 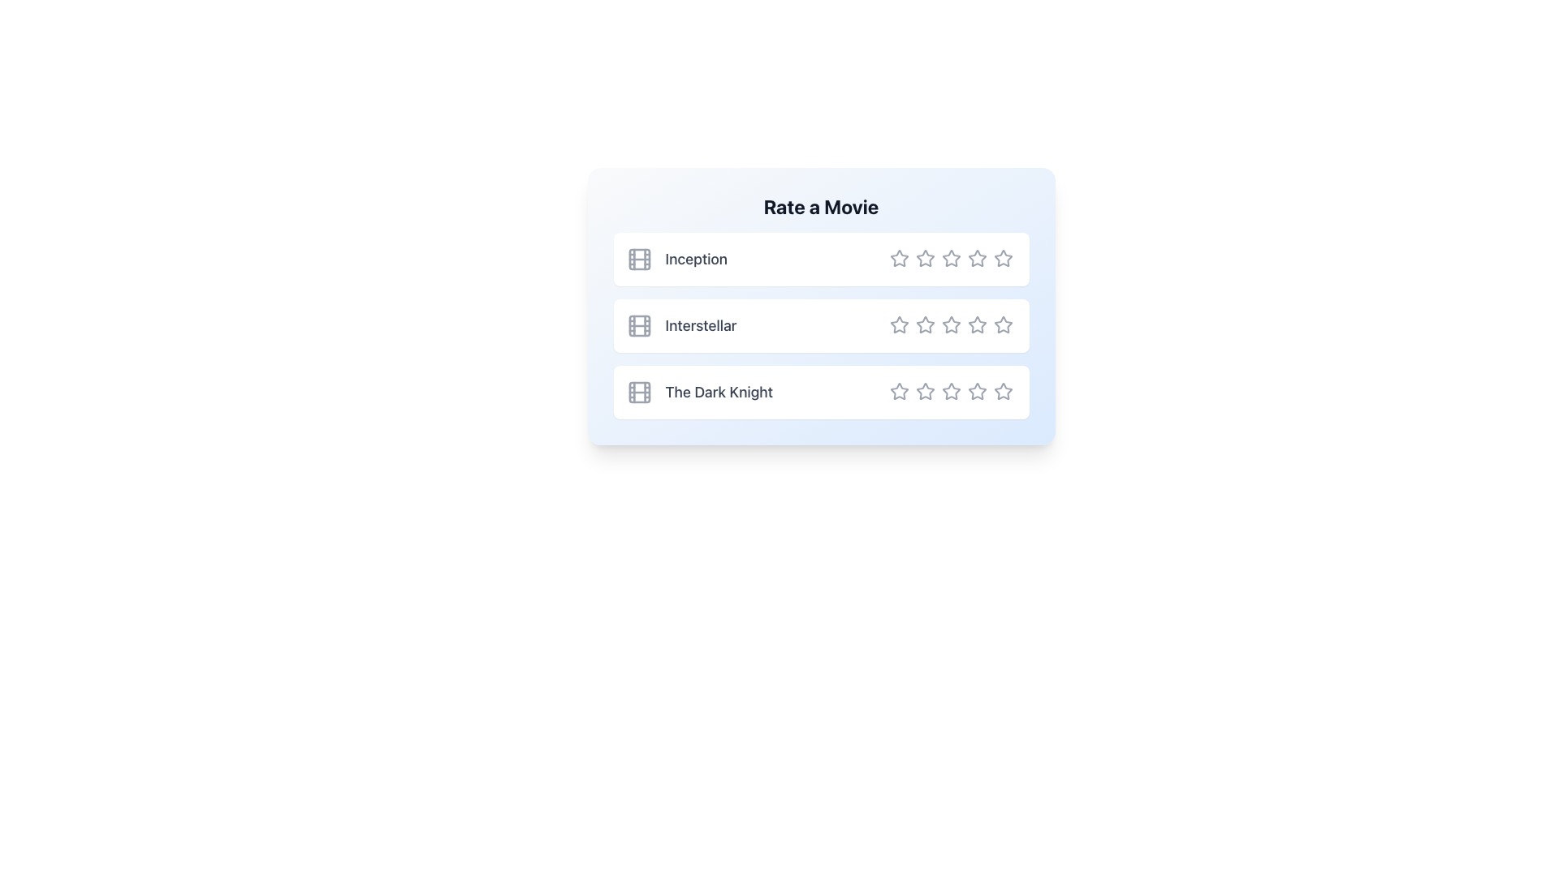 I want to click on the label that identifies the specific movie title, positioned as the first entry in the vertical list, aligned to the right of the film icon and left of the rating stars, so click(x=696, y=259).